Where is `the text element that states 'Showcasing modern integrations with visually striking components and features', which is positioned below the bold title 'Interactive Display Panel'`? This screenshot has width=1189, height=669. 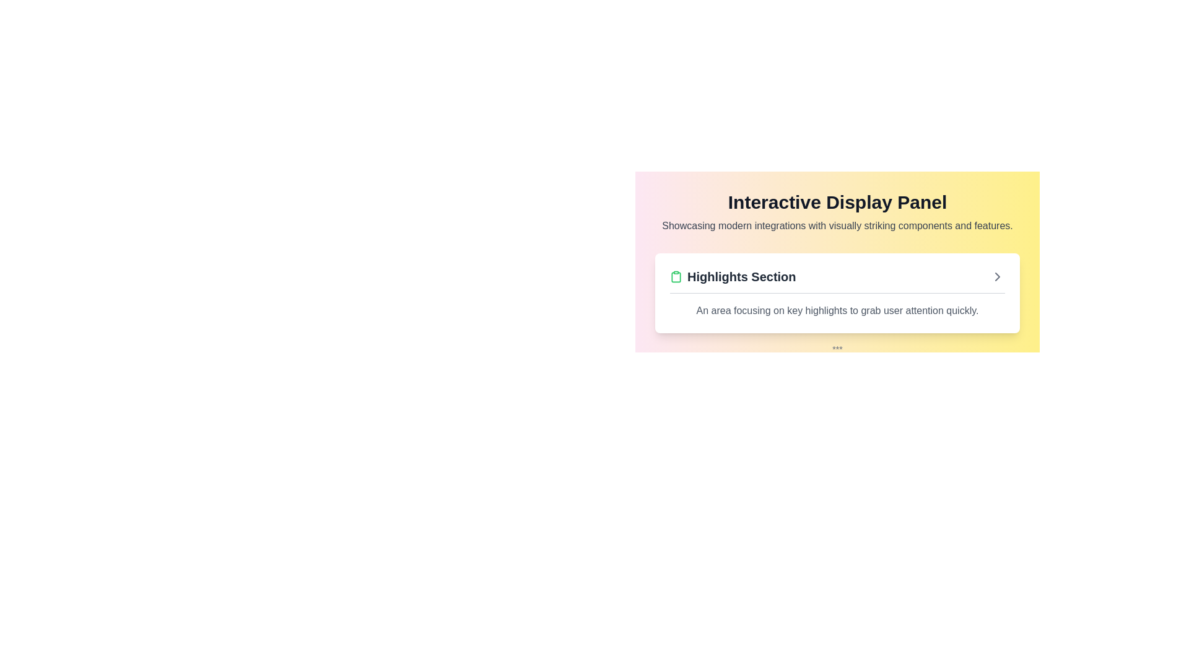
the text element that states 'Showcasing modern integrations with visually striking components and features', which is positioned below the bold title 'Interactive Display Panel' is located at coordinates (837, 226).